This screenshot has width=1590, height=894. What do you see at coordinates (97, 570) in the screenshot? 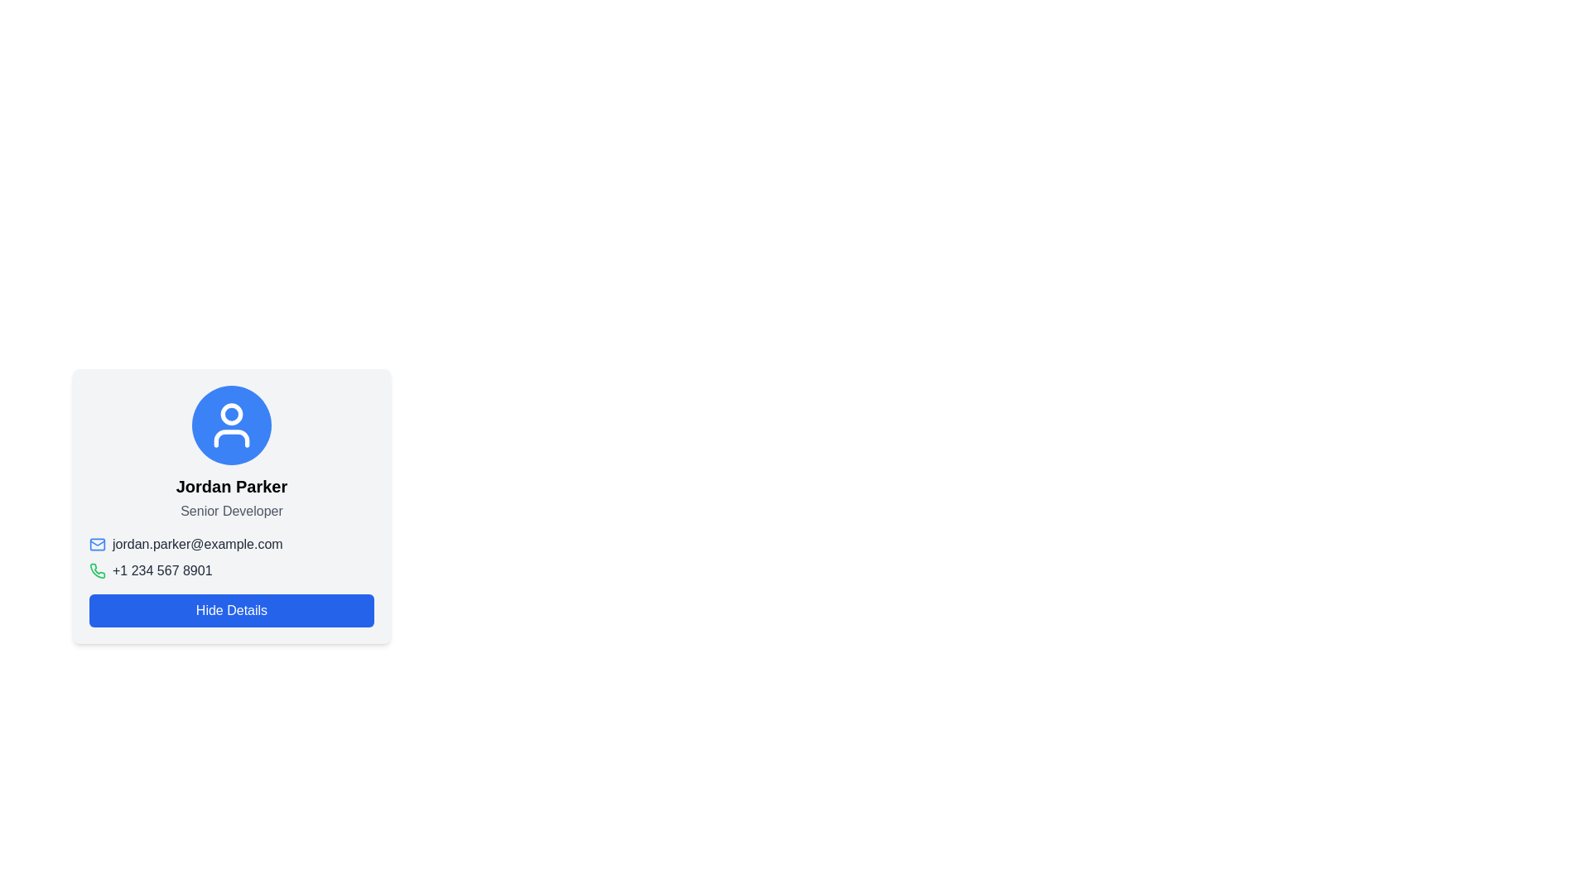
I see `the phone number icon located in the lower part of the contact card, to initiate a phone call` at bounding box center [97, 570].